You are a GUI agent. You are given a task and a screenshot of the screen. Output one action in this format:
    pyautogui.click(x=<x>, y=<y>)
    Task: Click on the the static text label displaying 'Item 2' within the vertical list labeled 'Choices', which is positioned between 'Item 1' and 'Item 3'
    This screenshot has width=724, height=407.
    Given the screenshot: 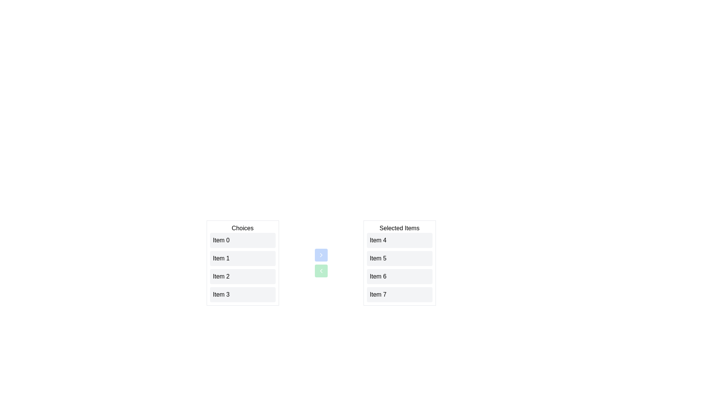 What is the action you would take?
    pyautogui.click(x=221, y=276)
    